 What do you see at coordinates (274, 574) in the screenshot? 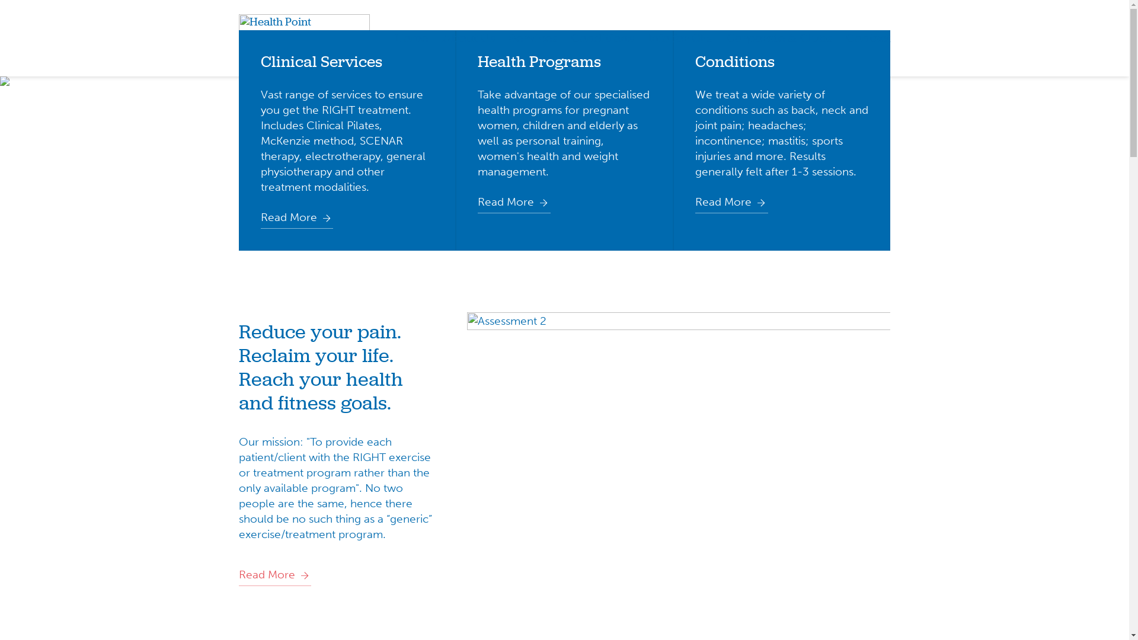
I see `'Read More'` at bounding box center [274, 574].